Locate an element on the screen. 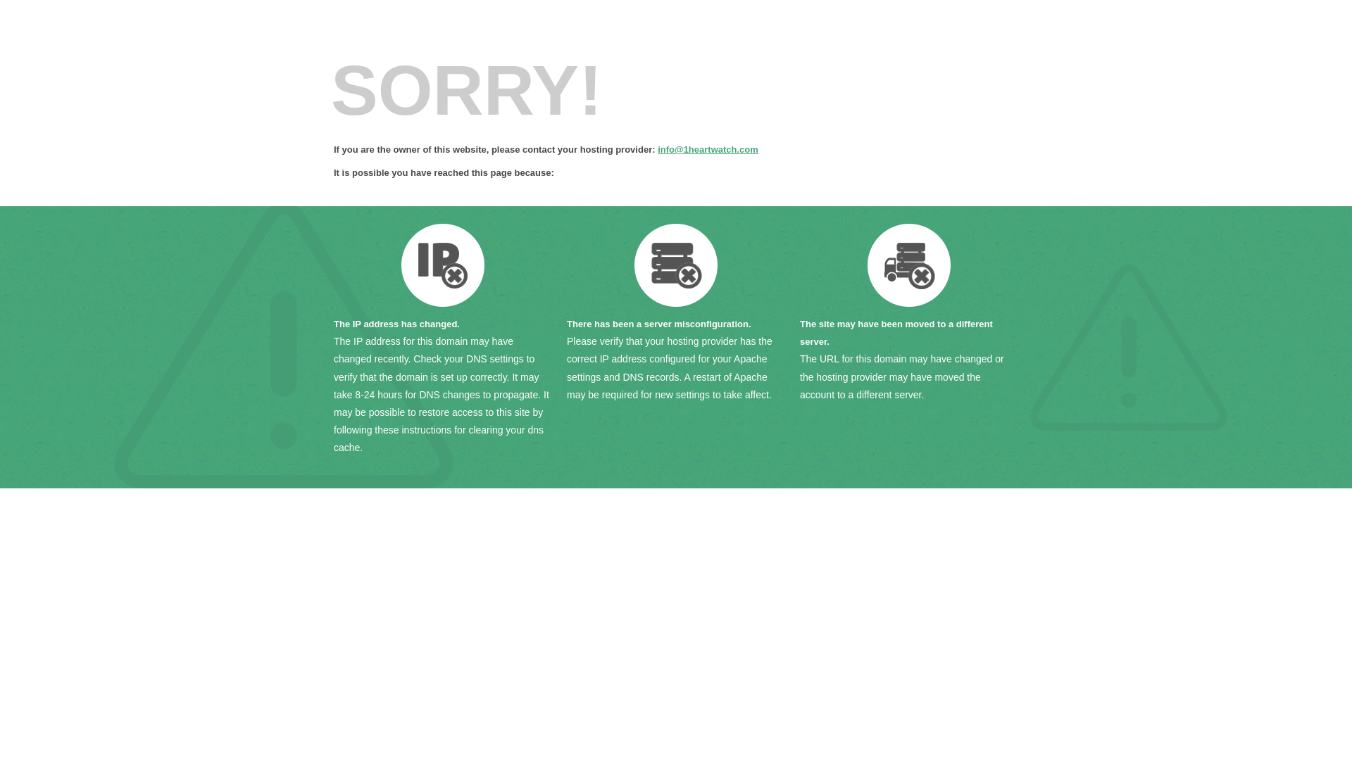  'info@1heartwatch.com' is located at coordinates (708, 149).